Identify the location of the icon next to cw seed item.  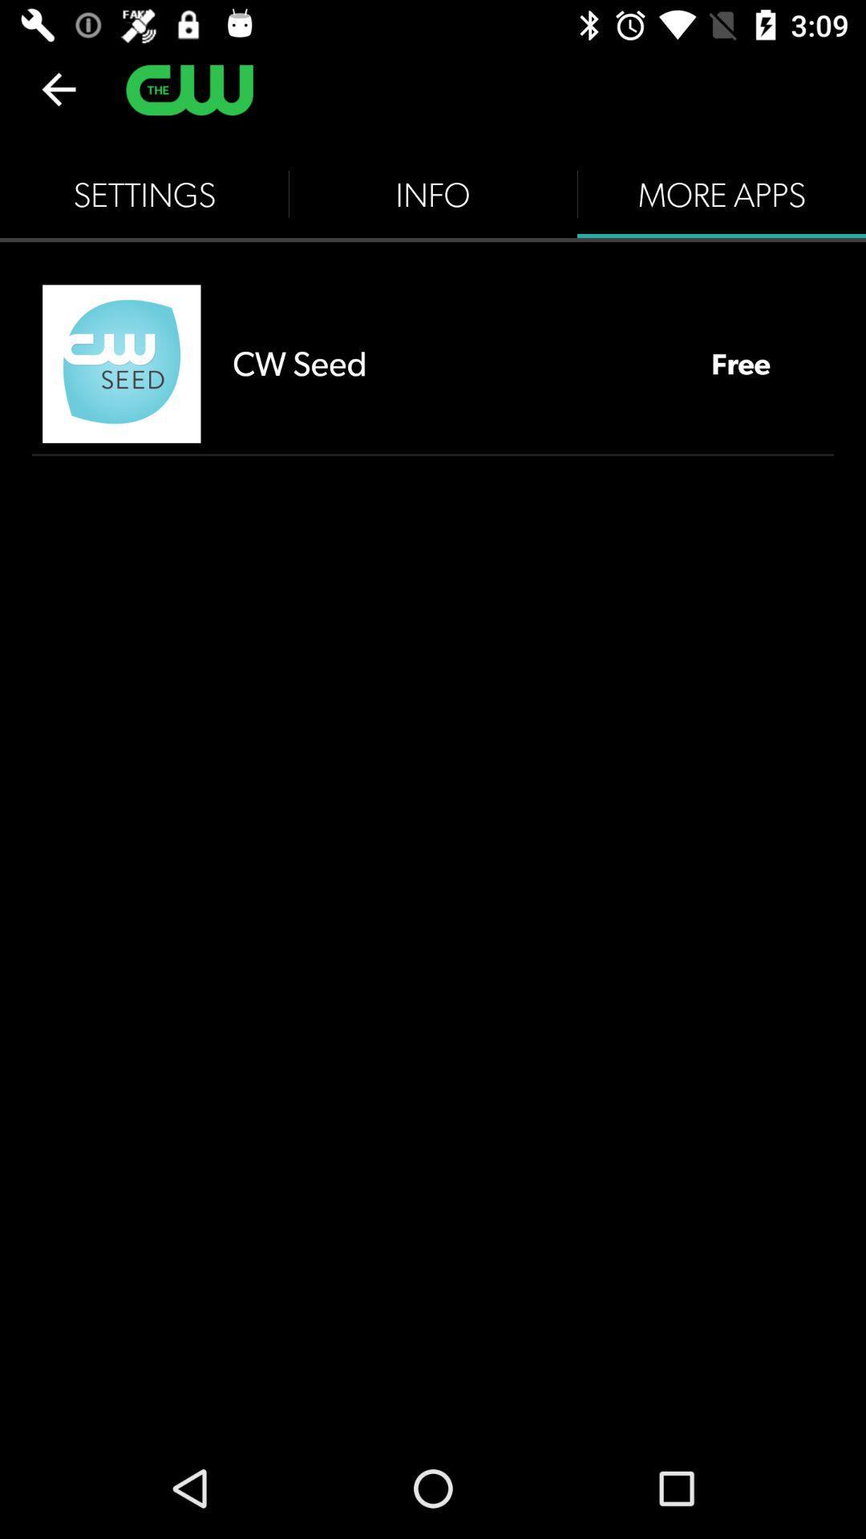
(120, 363).